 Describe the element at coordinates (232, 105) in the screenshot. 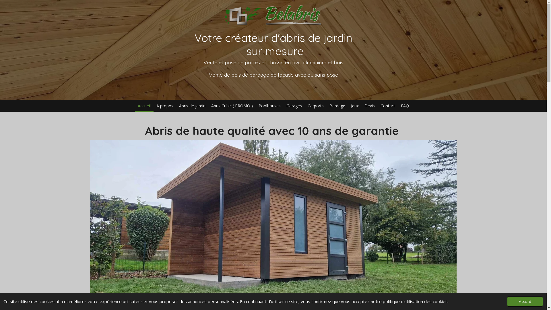

I see `'Abris Cubic ( PROMO )'` at that location.